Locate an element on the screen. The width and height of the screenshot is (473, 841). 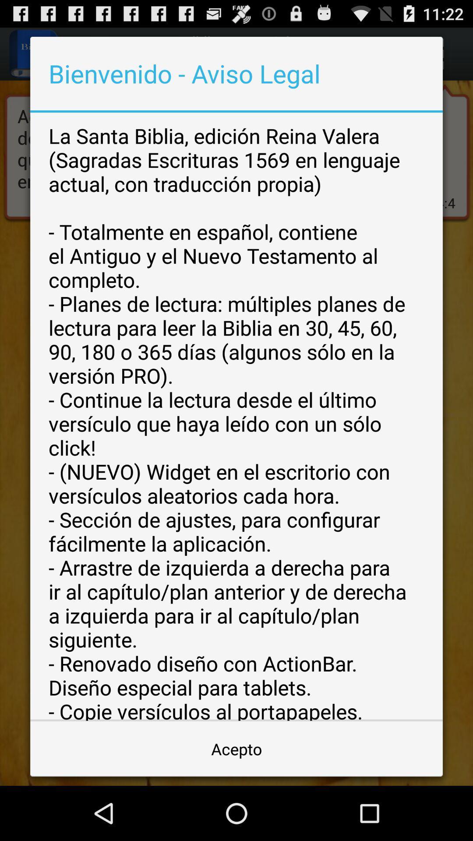
the app below the la santa biblia app is located at coordinates (236, 748).